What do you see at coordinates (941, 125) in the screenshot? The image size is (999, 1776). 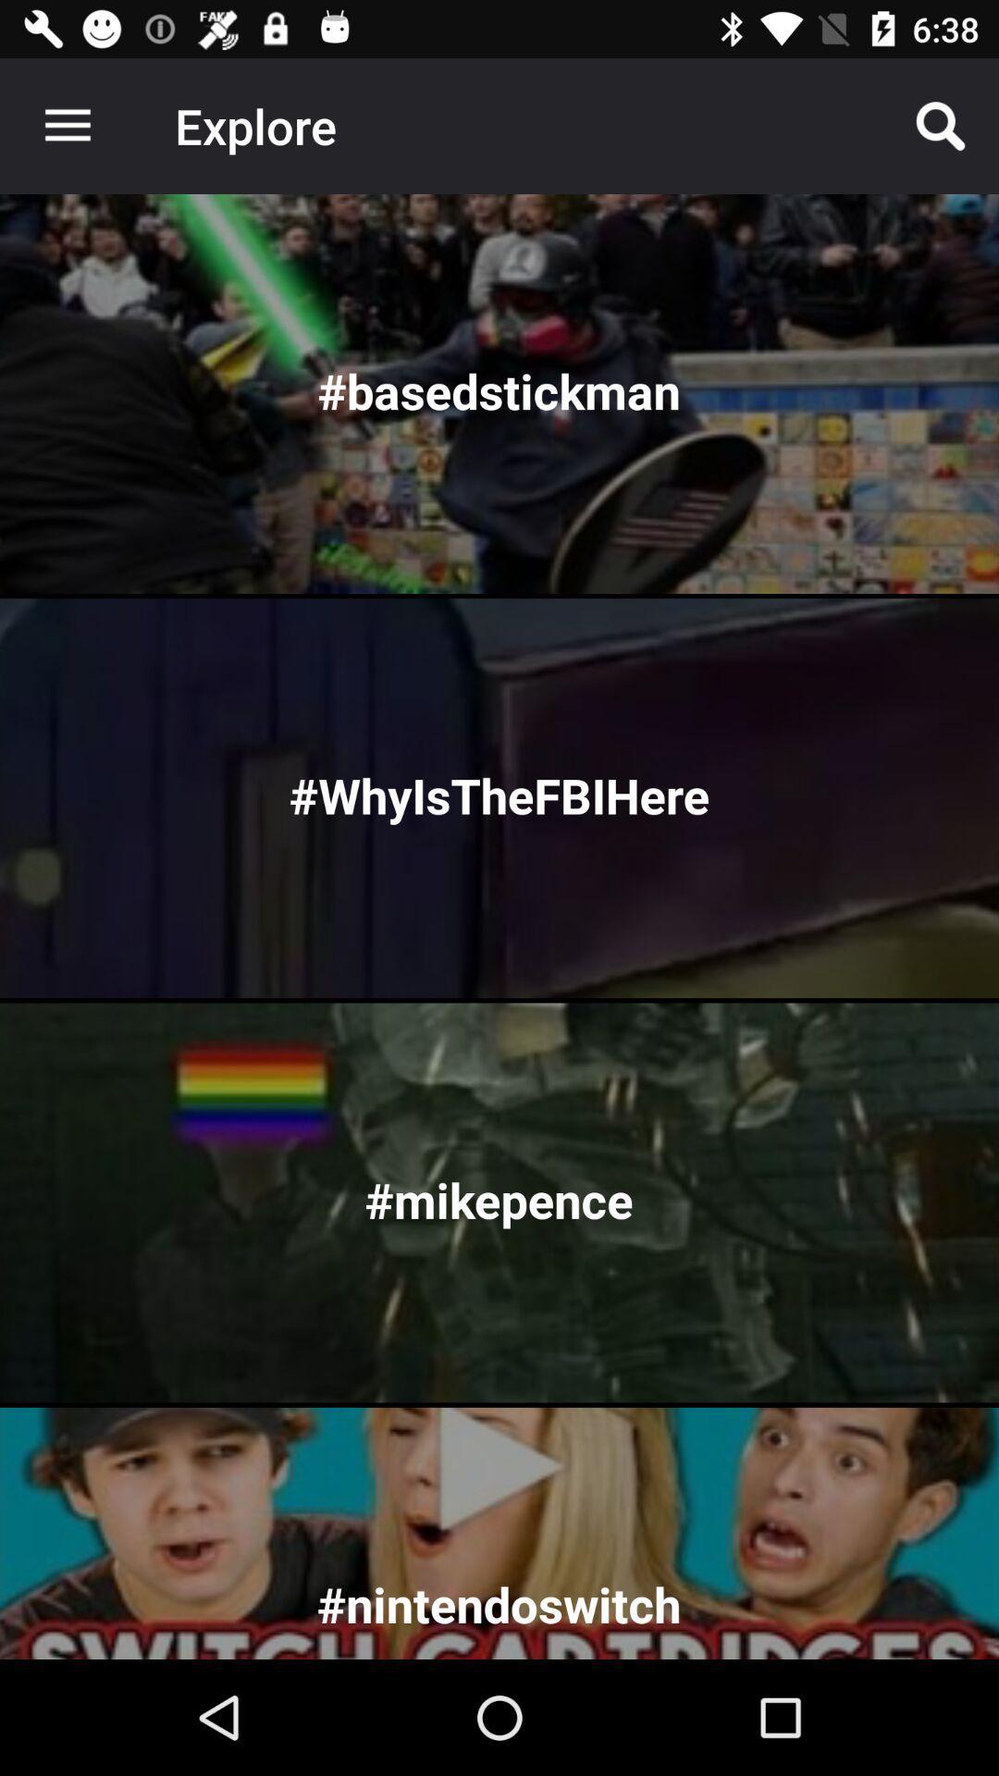 I see `the icon next to the explore icon` at bounding box center [941, 125].